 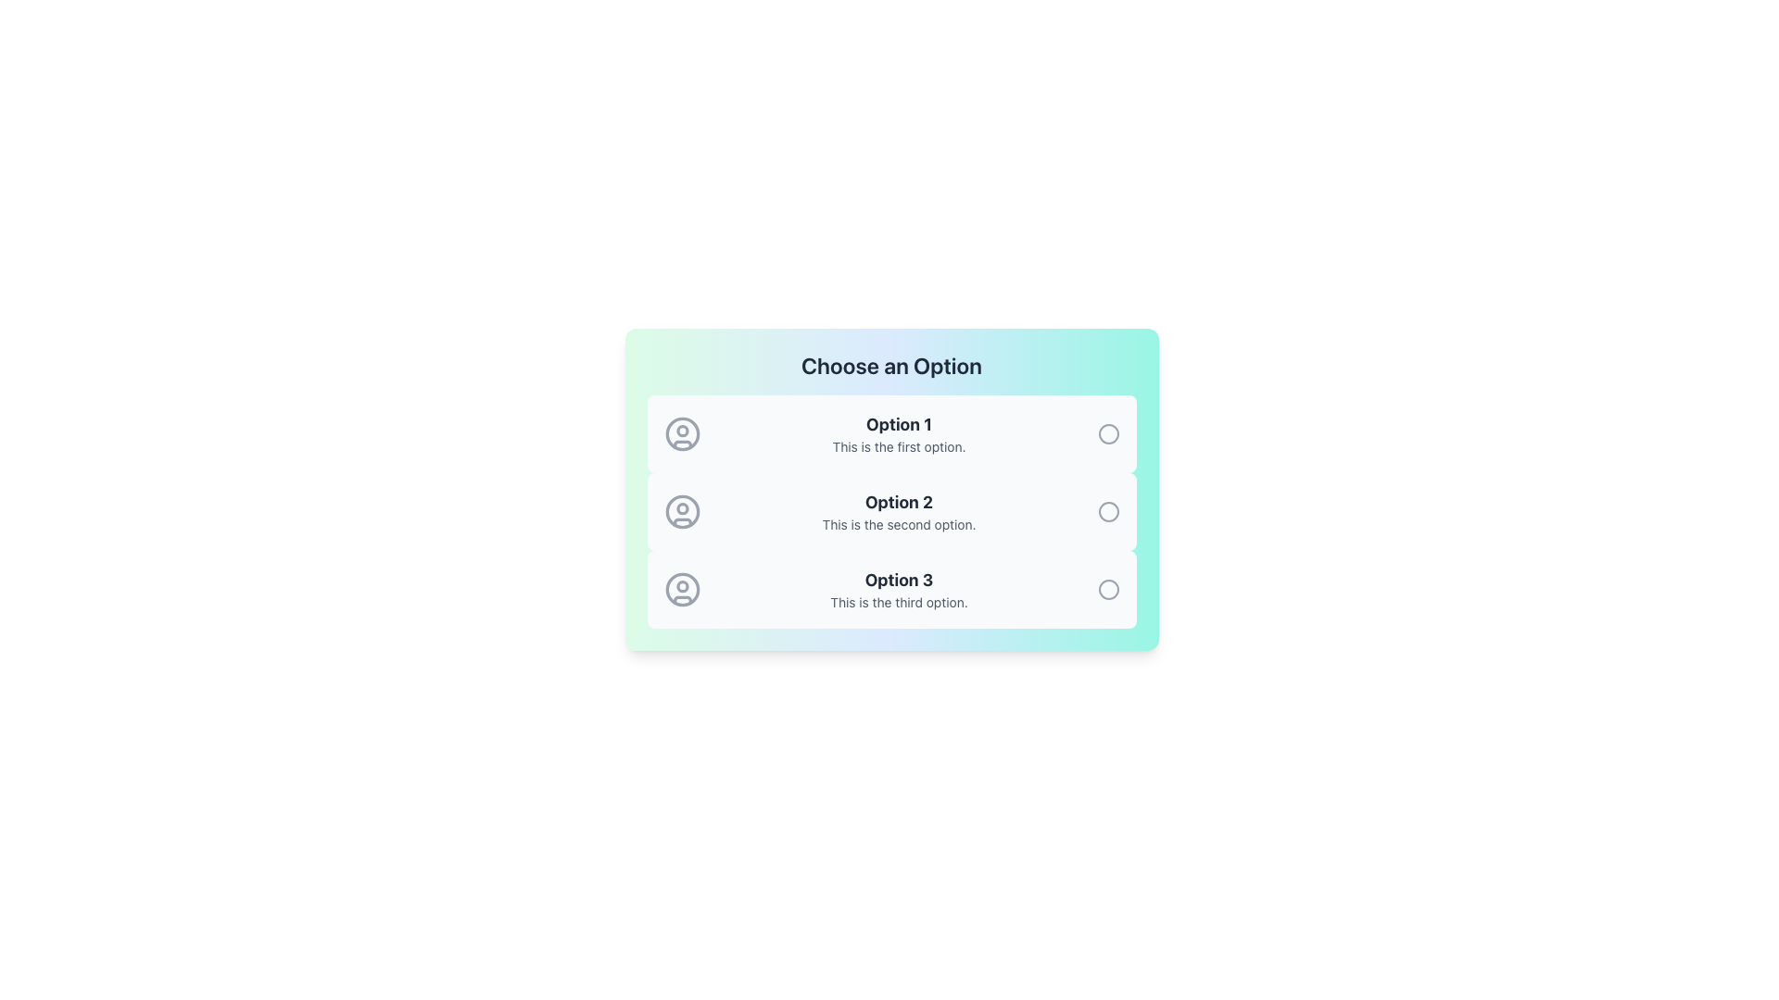 I want to click on the decorative SVG Circle Element that is the innermost part of the user icon located on the left of the Option 3 row in the vertical list layout, so click(x=681, y=589).